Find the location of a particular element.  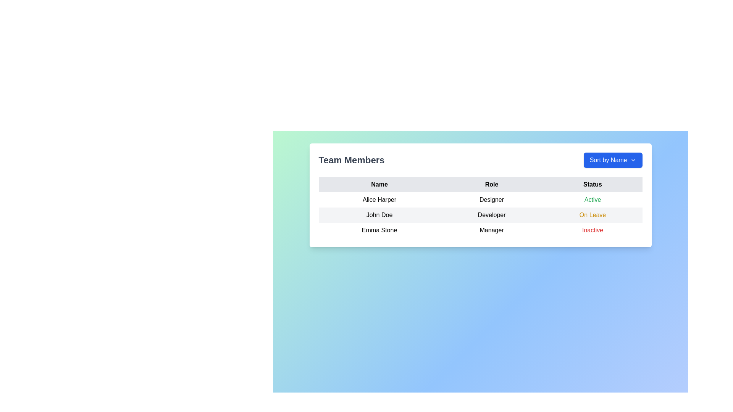

text label displaying 'Developer' located in the 'Role' column of the table, specifically in the second row for 'John Doe' is located at coordinates (492, 215).